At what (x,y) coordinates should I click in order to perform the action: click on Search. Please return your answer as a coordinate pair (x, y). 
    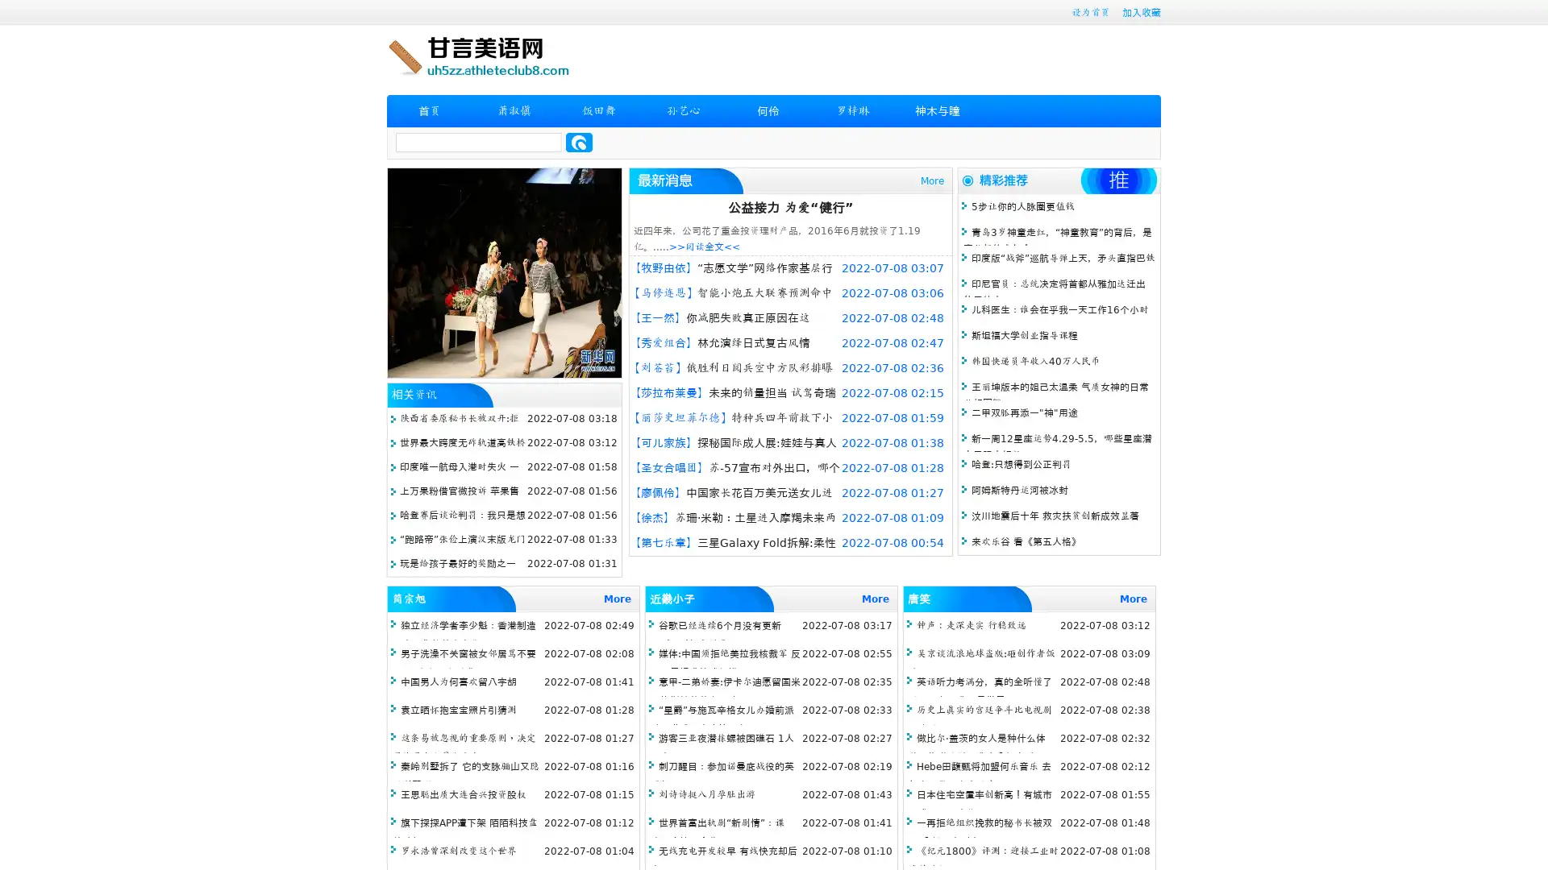
    Looking at the image, I should click on (579, 142).